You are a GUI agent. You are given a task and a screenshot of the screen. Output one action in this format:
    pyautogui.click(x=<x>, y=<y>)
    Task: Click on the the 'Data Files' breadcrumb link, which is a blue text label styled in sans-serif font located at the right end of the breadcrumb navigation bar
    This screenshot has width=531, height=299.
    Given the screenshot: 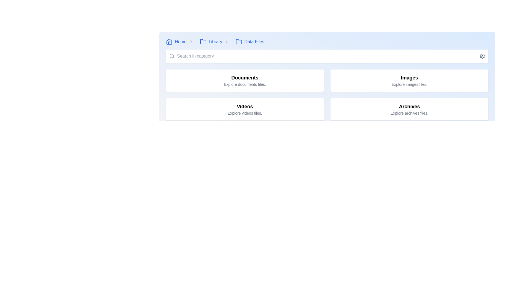 What is the action you would take?
    pyautogui.click(x=254, y=41)
    